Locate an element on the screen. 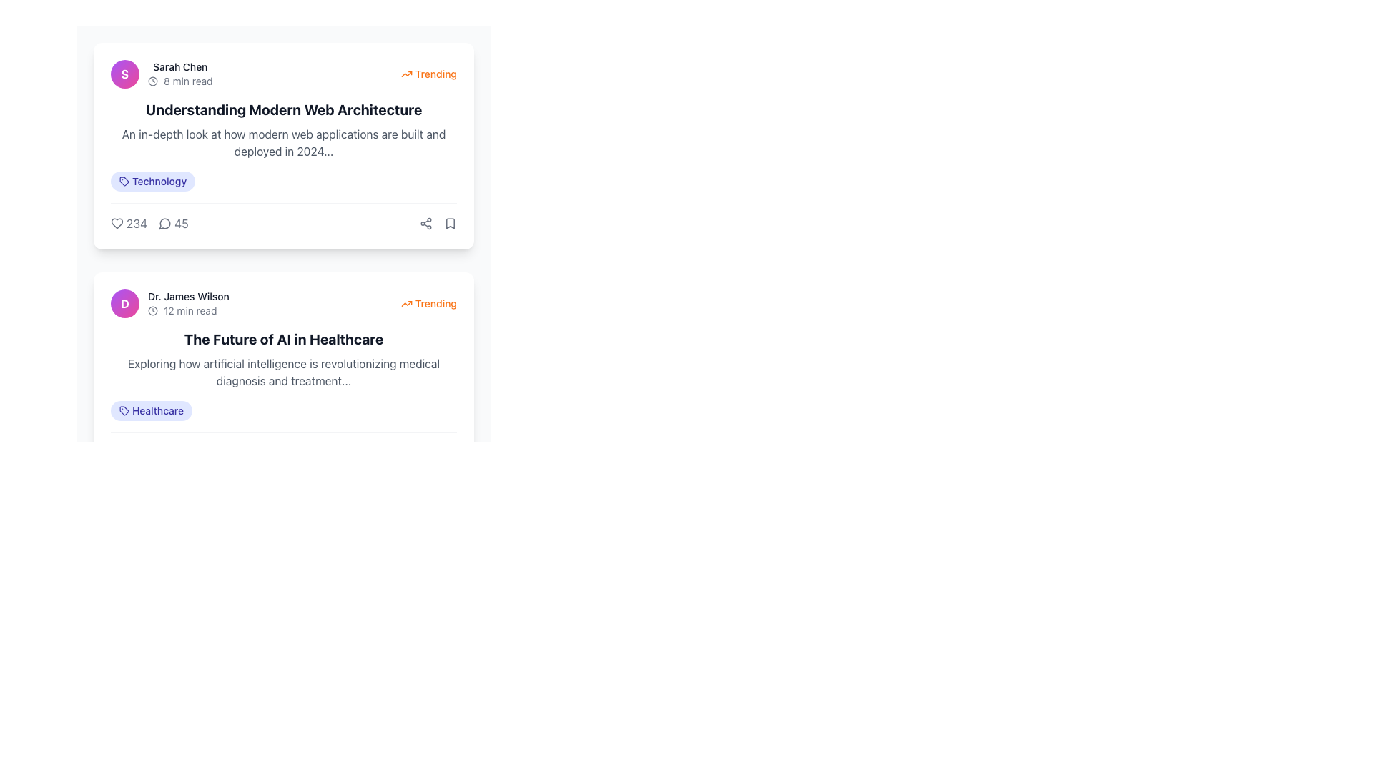  the text block styled with a light gray font color located below the title 'The Future of AI in Healthcare' in the second content card is located at coordinates (284, 371).